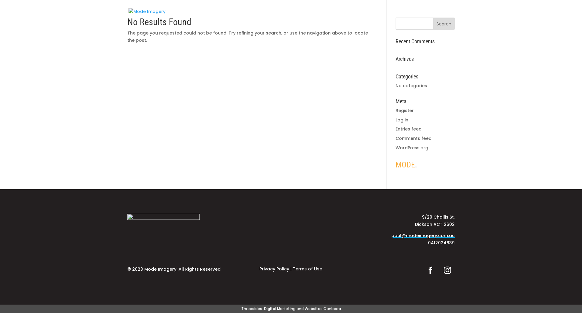 The image size is (582, 327). What do you see at coordinates (396, 138) in the screenshot?
I see `'Comments feed'` at bounding box center [396, 138].